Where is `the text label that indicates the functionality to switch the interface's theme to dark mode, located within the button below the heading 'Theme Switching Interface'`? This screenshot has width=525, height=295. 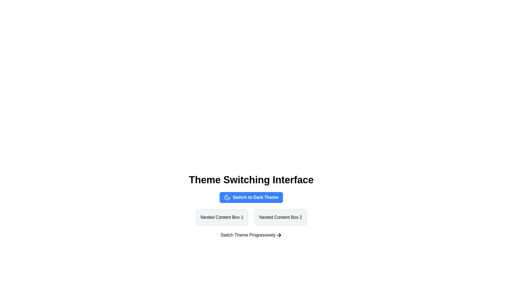 the text label that indicates the functionality to switch the interface's theme to dark mode, located within the button below the heading 'Theme Switching Interface' is located at coordinates (255, 197).